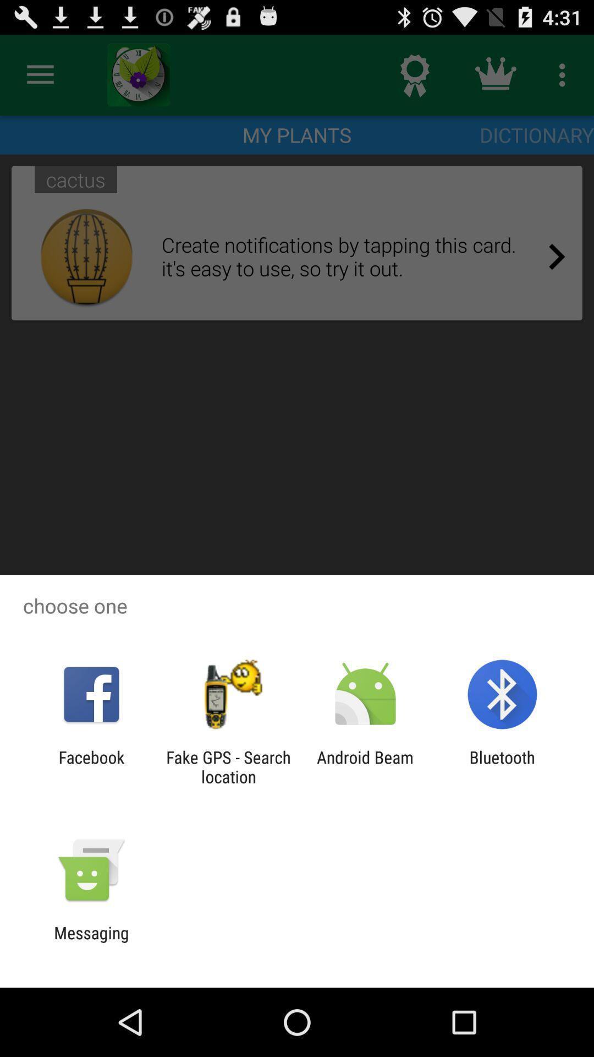 Image resolution: width=594 pixels, height=1057 pixels. Describe the element at coordinates (502, 766) in the screenshot. I see `bluetooth` at that location.